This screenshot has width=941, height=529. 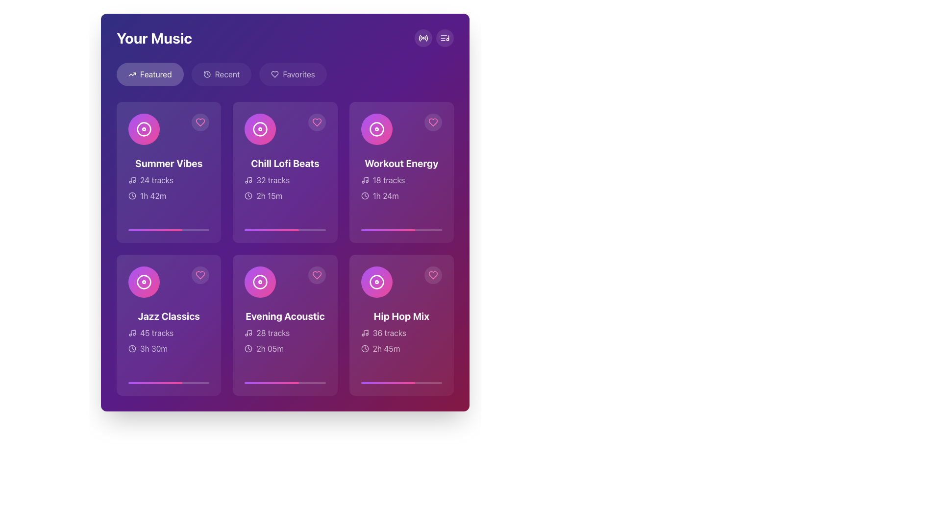 I want to click on the circular button with a pink heart icon located in the top-right corner of the 'Summer Vibes' card under the 'Featured' tab in the 'Your Music' section, so click(x=200, y=122).